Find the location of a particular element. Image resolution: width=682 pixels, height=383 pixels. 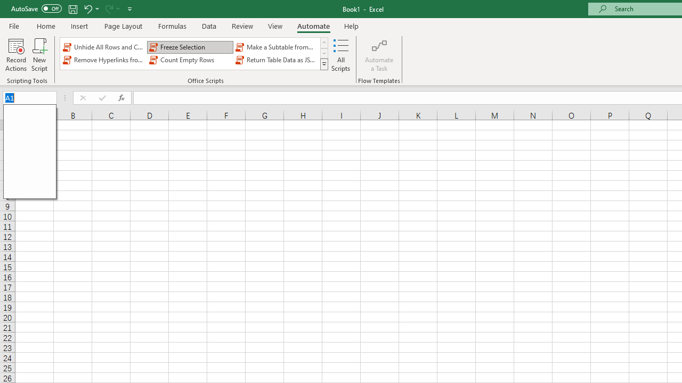

'All Scripts' is located at coordinates (341, 55).